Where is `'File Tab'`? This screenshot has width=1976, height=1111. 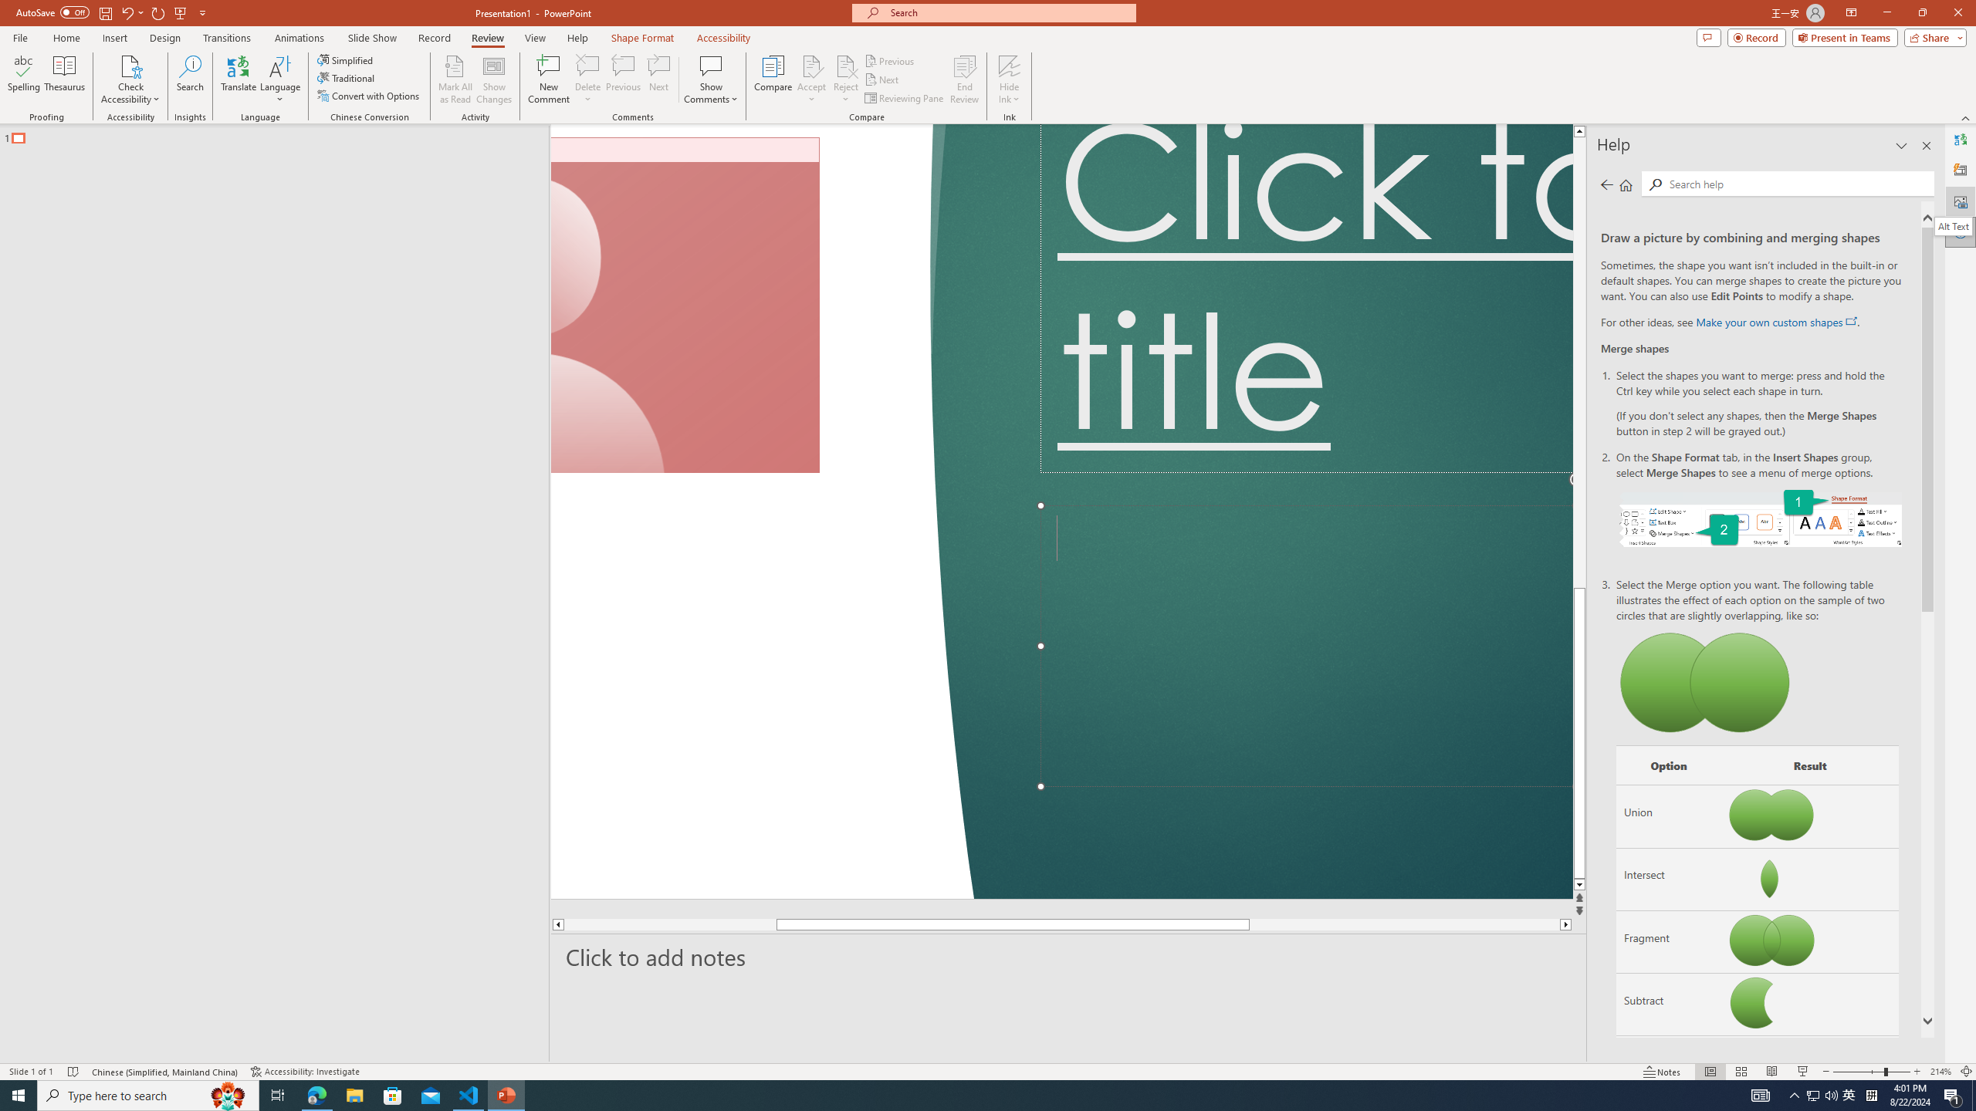 'File Tab' is located at coordinates (19, 36).